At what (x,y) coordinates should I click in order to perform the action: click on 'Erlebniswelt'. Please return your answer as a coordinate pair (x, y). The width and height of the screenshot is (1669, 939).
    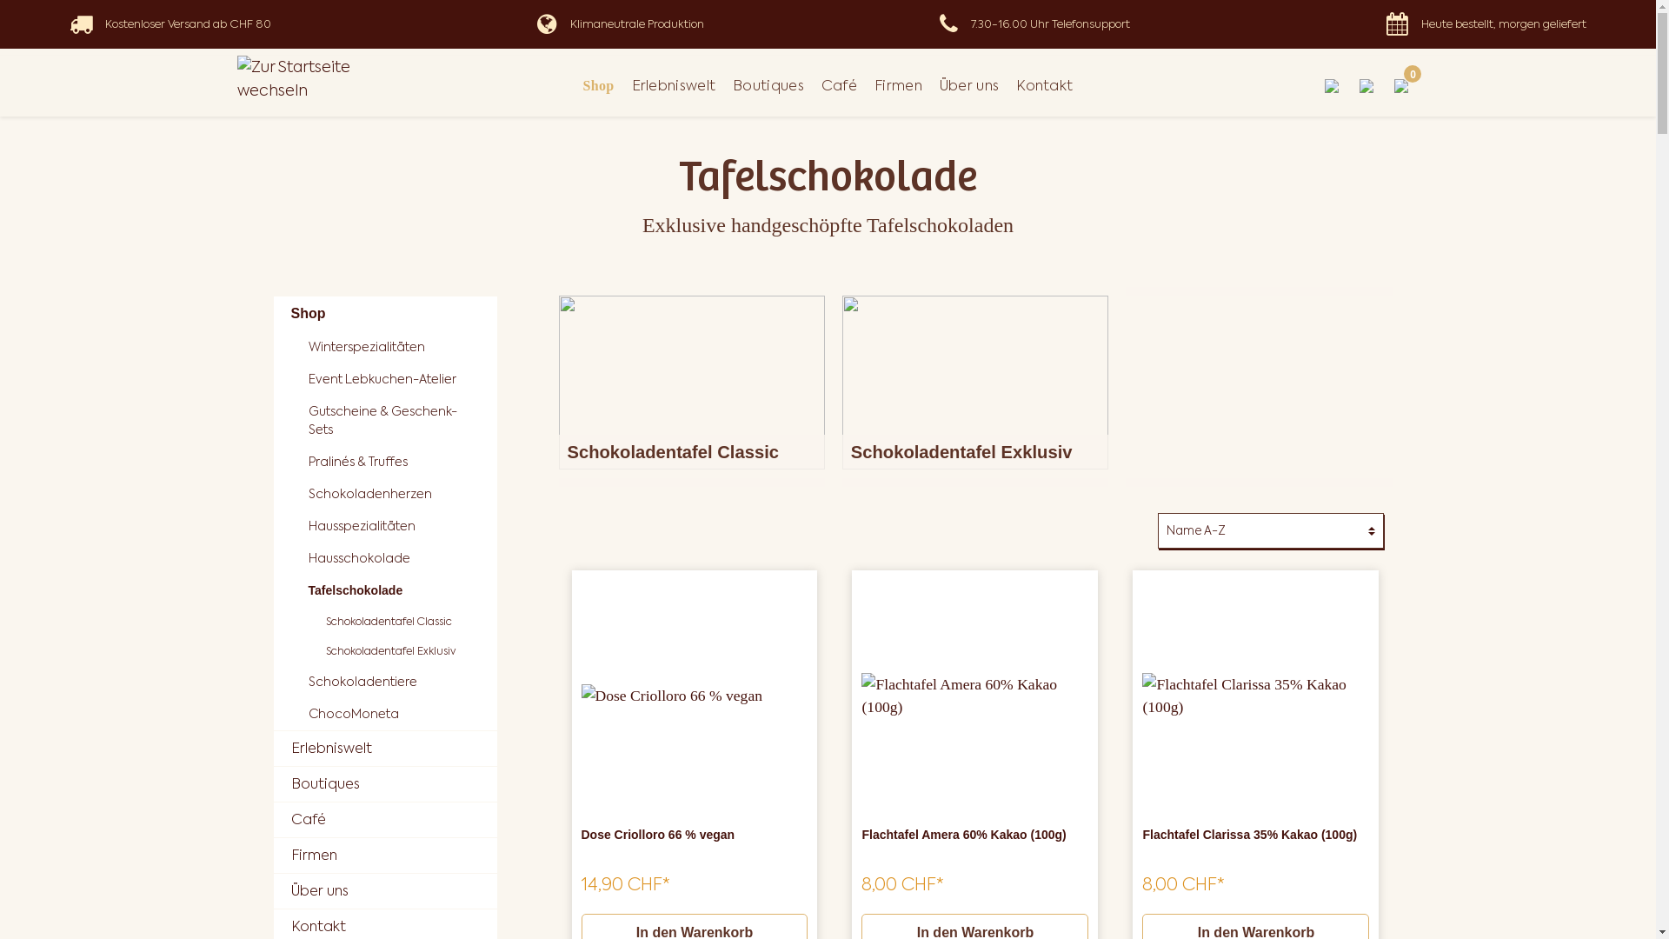
    Looking at the image, I should click on (383, 747).